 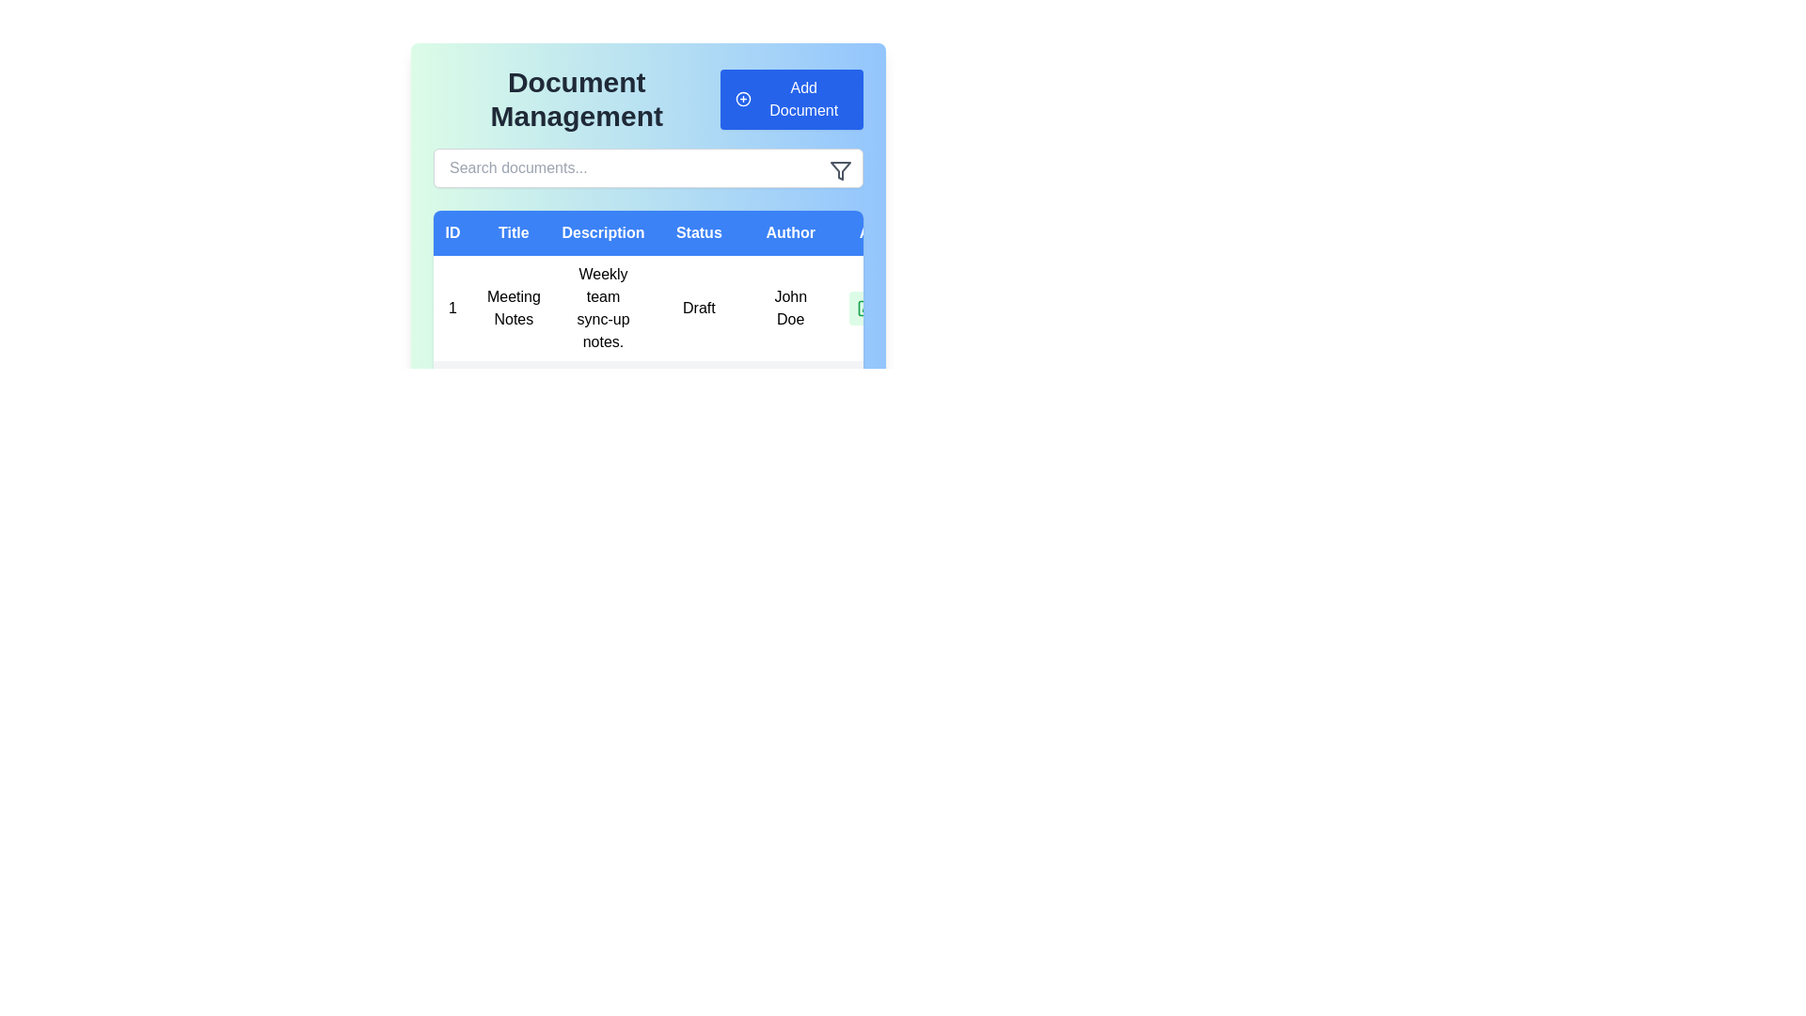 What do you see at coordinates (685, 307) in the screenshot?
I see `the static text 'Draft' located in the first row of the table under the 'Status' column` at bounding box center [685, 307].